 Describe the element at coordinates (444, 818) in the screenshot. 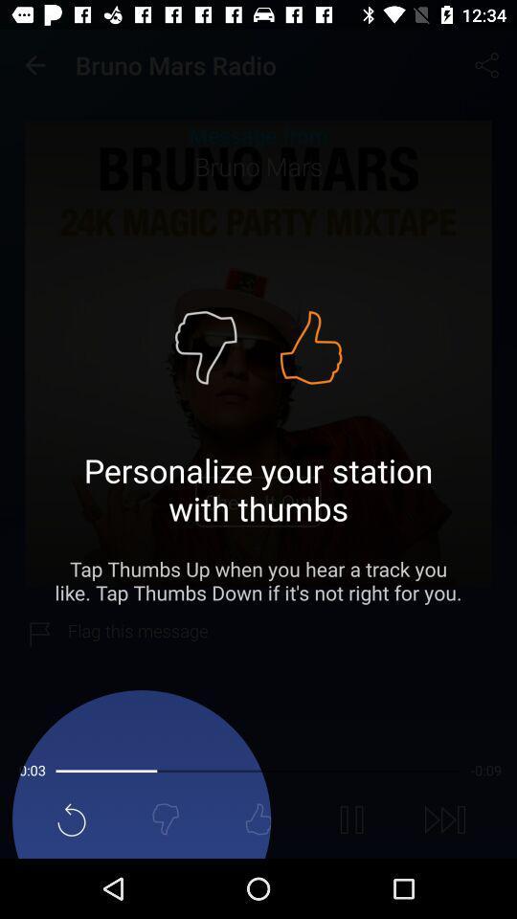

I see `the skip_next icon` at that location.